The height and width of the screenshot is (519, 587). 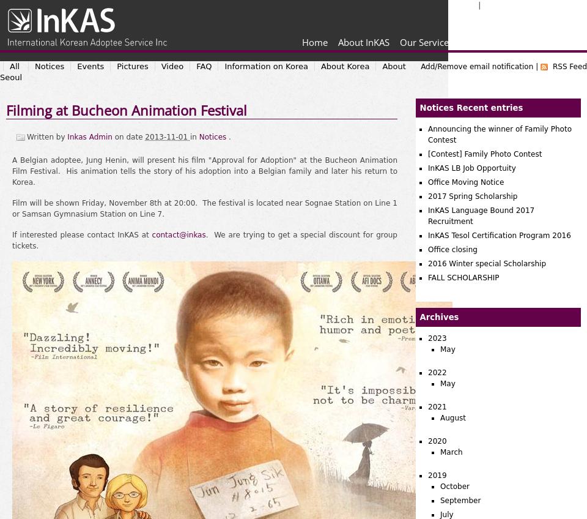 What do you see at coordinates (126, 110) in the screenshot?
I see `'Filming at Bucheon Animation Festival'` at bounding box center [126, 110].